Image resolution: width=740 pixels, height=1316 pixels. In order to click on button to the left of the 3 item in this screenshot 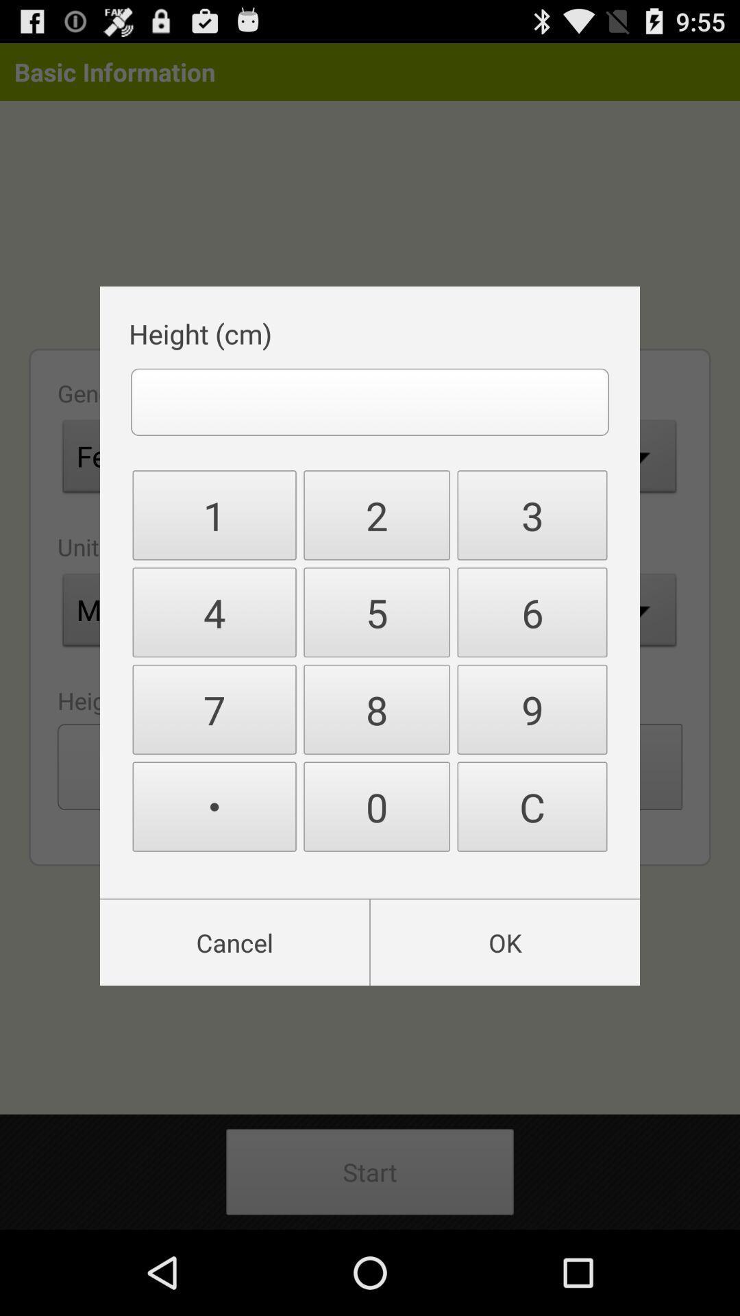, I will do `click(377, 514)`.